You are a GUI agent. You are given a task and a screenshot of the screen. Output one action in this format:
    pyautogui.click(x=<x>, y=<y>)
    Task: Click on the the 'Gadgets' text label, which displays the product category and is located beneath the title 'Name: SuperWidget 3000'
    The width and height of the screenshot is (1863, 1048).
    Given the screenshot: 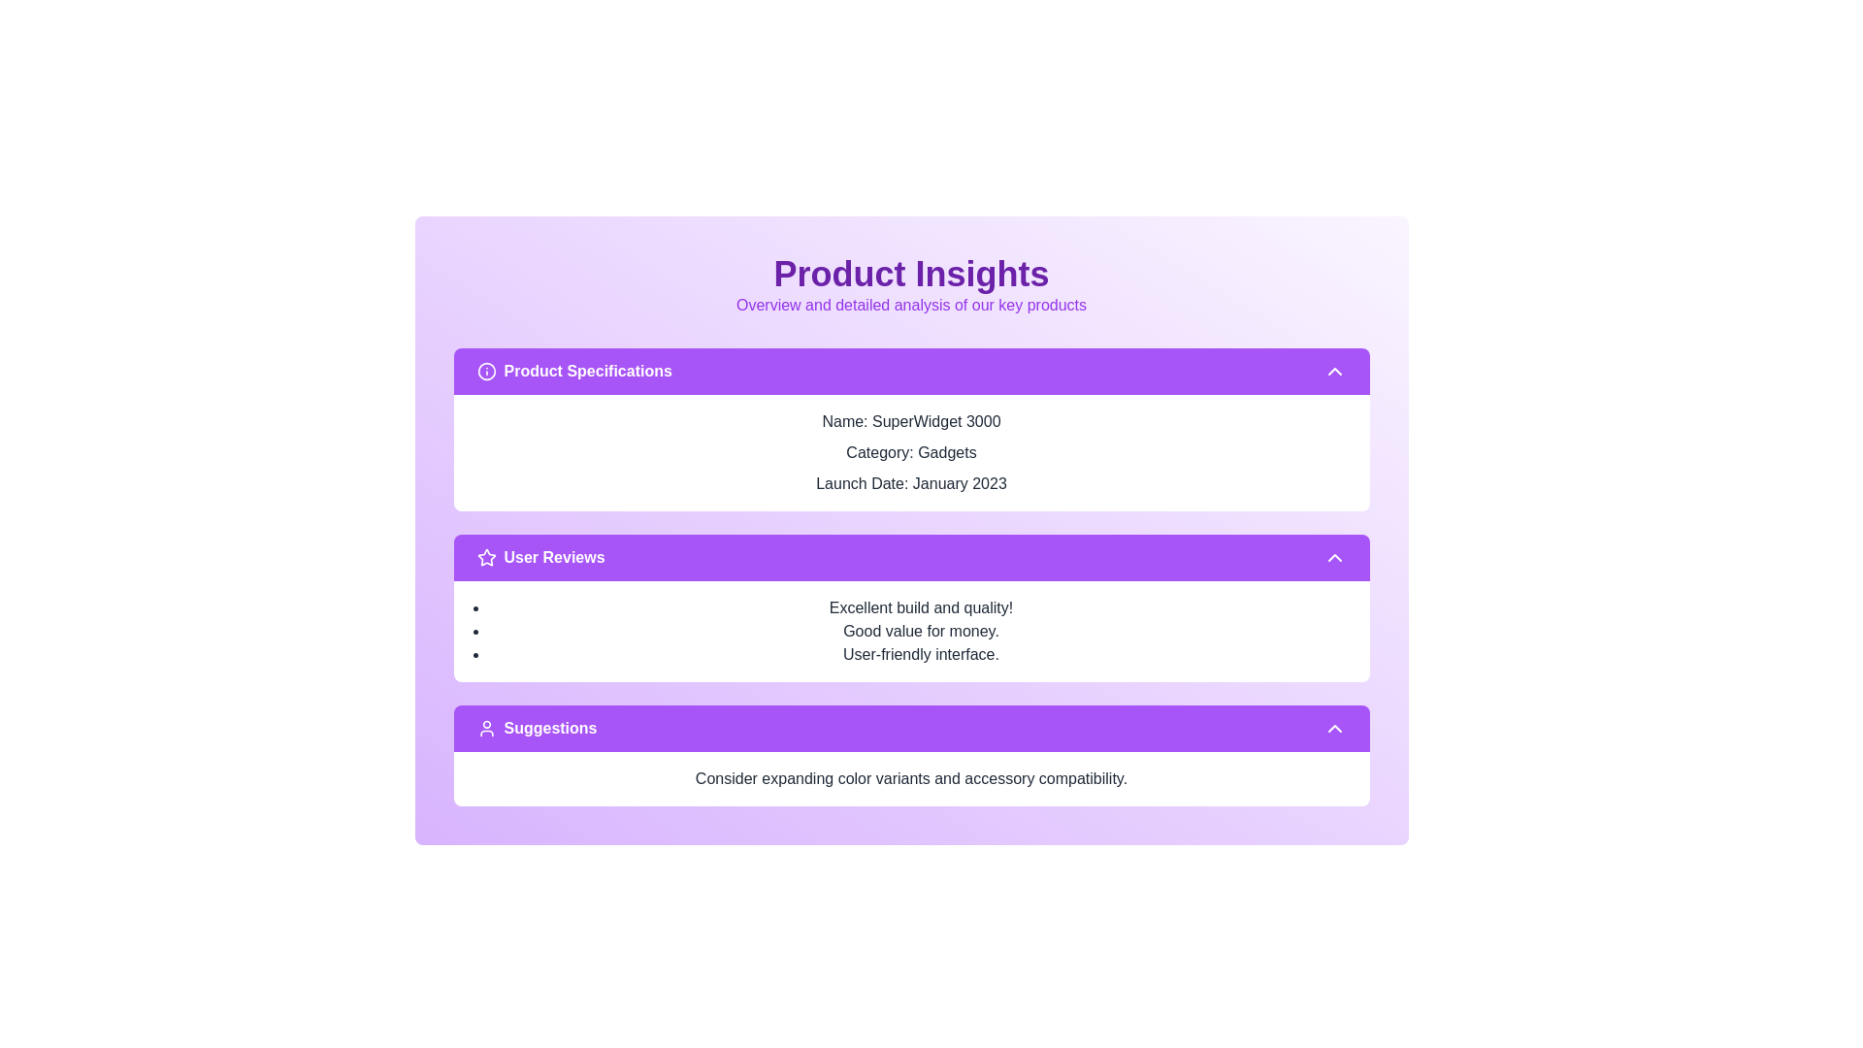 What is the action you would take?
    pyautogui.click(x=910, y=452)
    